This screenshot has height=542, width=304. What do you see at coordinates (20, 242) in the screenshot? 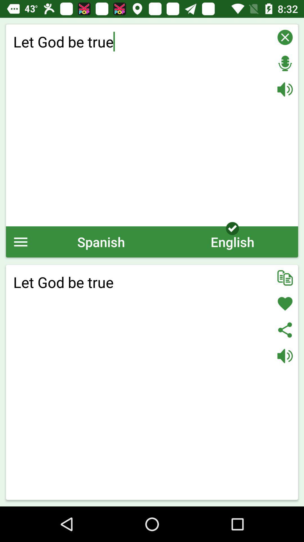
I see `the icon next to spanish` at bounding box center [20, 242].